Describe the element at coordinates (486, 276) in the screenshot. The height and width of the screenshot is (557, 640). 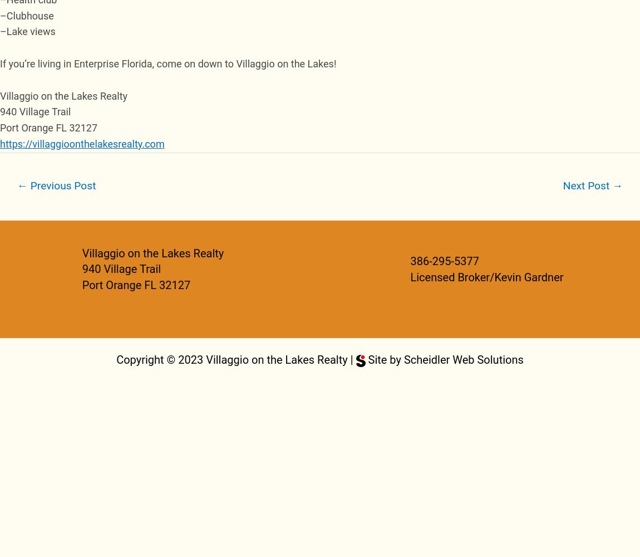
I see `'Licensed Broker/Kevin Gardner'` at that location.